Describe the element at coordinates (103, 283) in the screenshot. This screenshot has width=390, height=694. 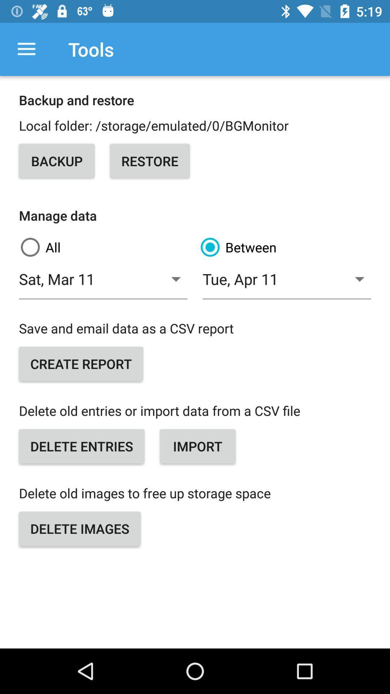
I see `item to the left of the between` at that location.